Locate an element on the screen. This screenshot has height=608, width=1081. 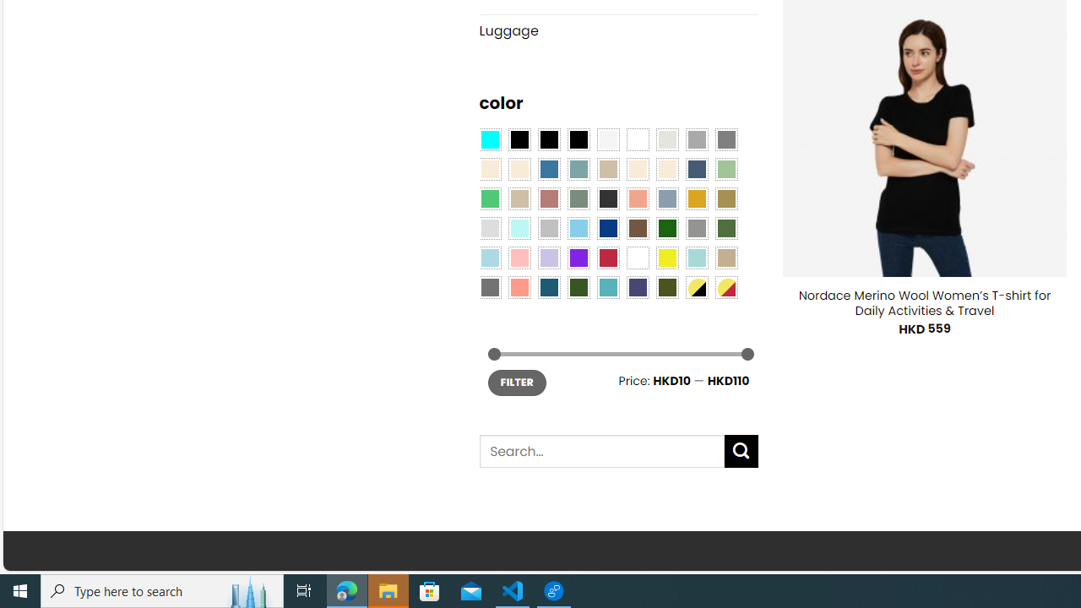
'Sage' is located at coordinates (578, 197).